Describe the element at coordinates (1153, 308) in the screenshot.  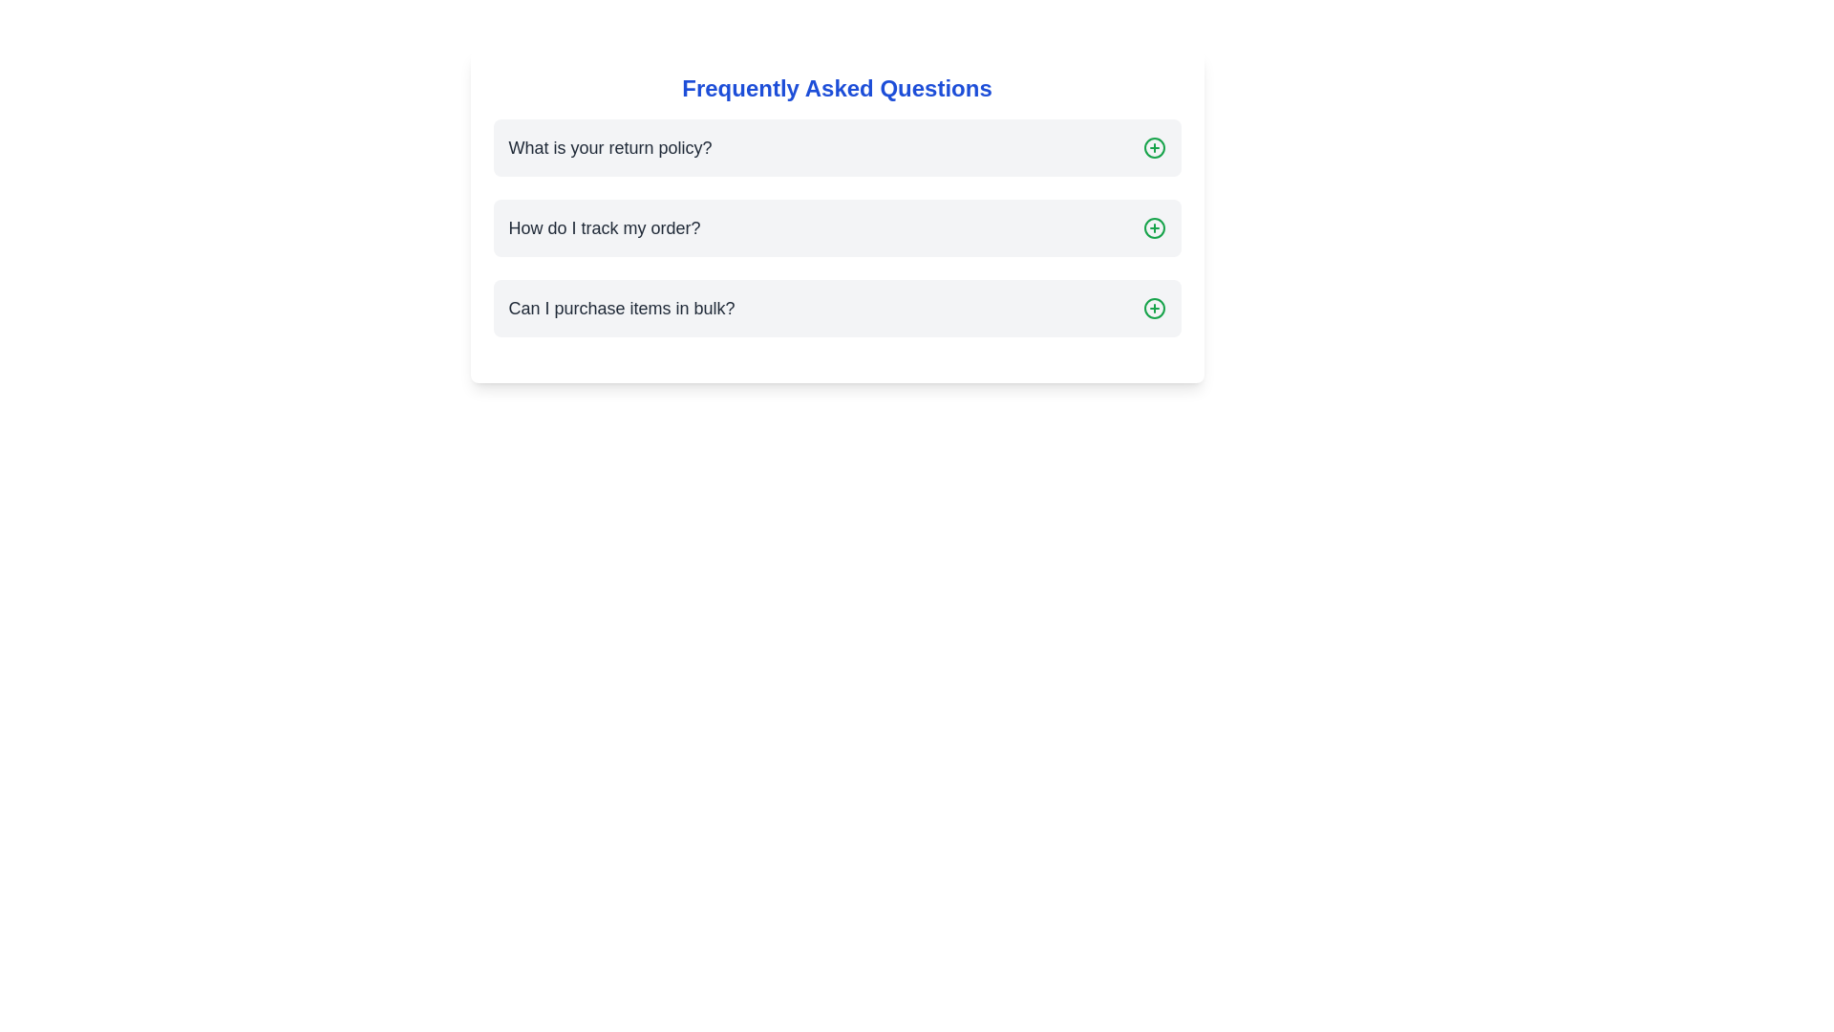
I see `the circular outline of the green plus sign icon` at that location.